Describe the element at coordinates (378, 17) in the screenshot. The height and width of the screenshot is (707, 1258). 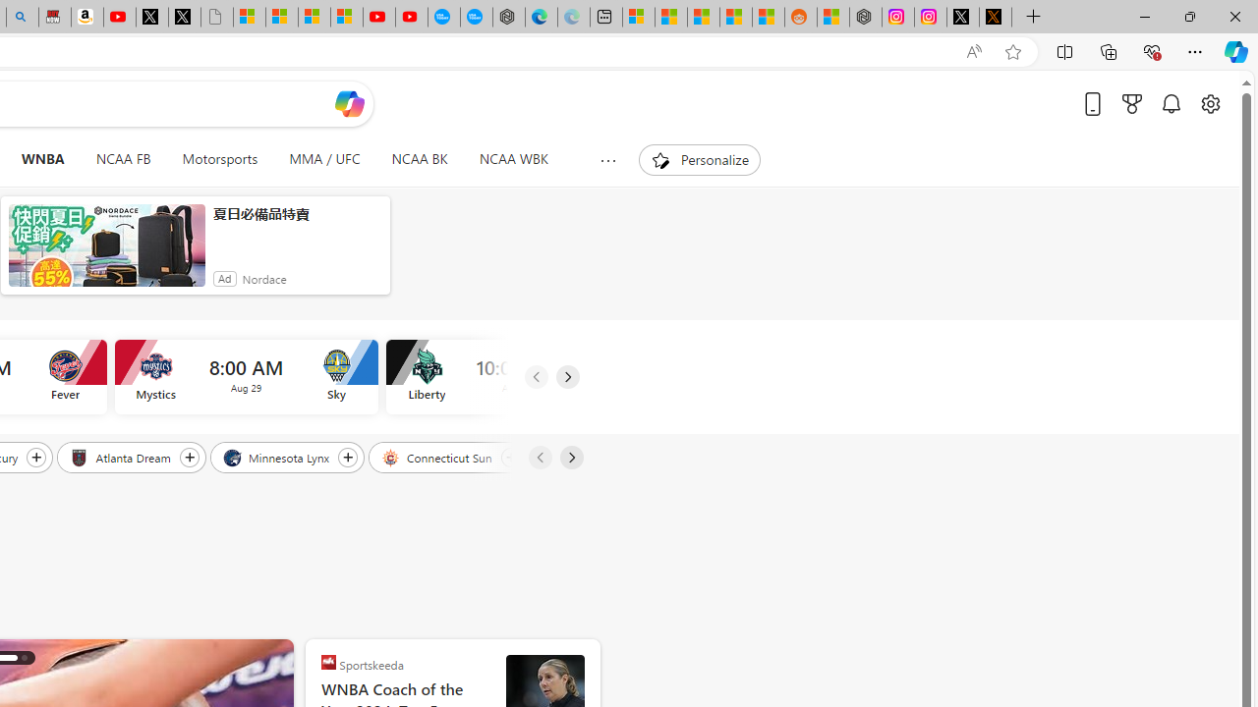
I see `'Gloom - YouTube'` at that location.